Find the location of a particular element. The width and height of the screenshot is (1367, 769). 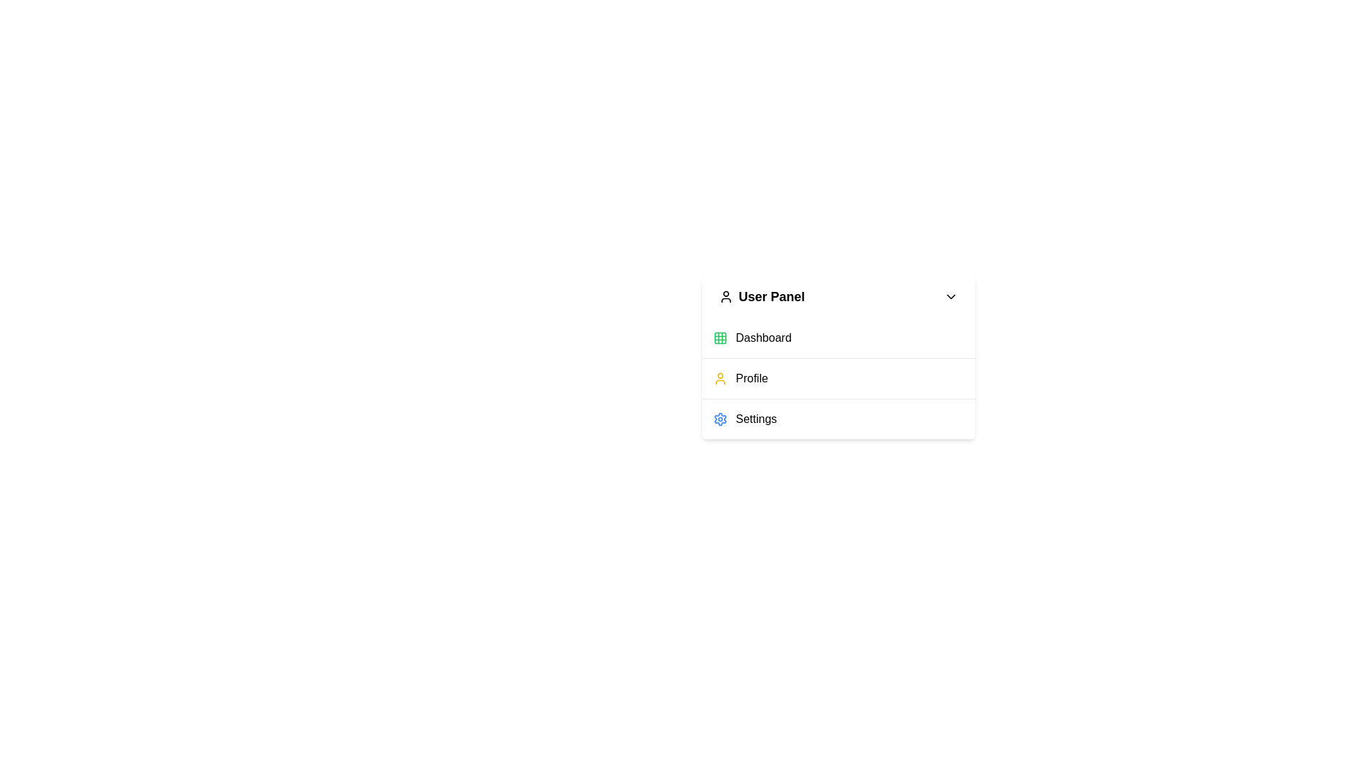

the menu item Settings is located at coordinates (838, 418).